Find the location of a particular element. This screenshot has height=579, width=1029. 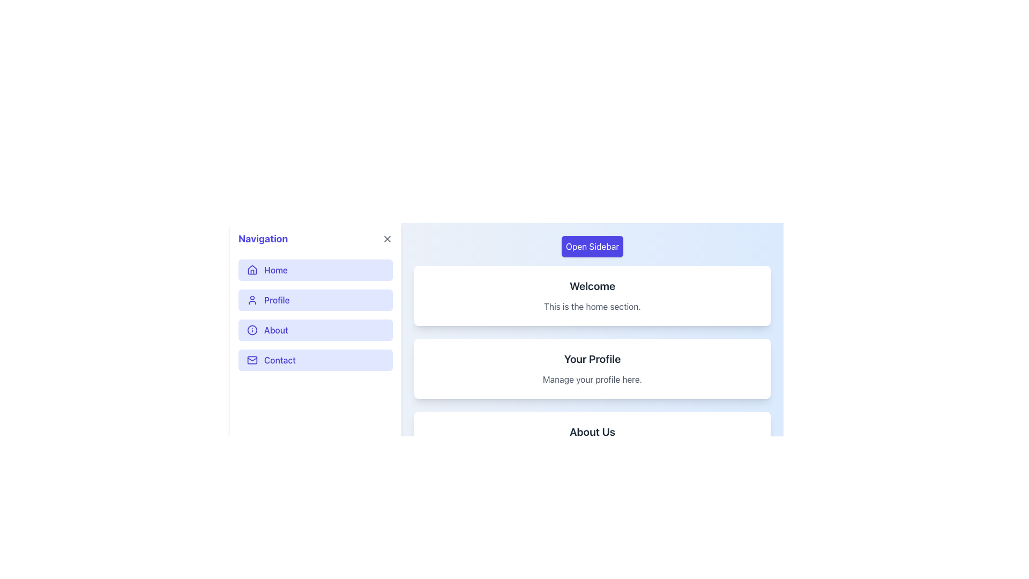

the close button symbol (an 'X') located at the top right of the navigation sidebar is located at coordinates (387, 239).